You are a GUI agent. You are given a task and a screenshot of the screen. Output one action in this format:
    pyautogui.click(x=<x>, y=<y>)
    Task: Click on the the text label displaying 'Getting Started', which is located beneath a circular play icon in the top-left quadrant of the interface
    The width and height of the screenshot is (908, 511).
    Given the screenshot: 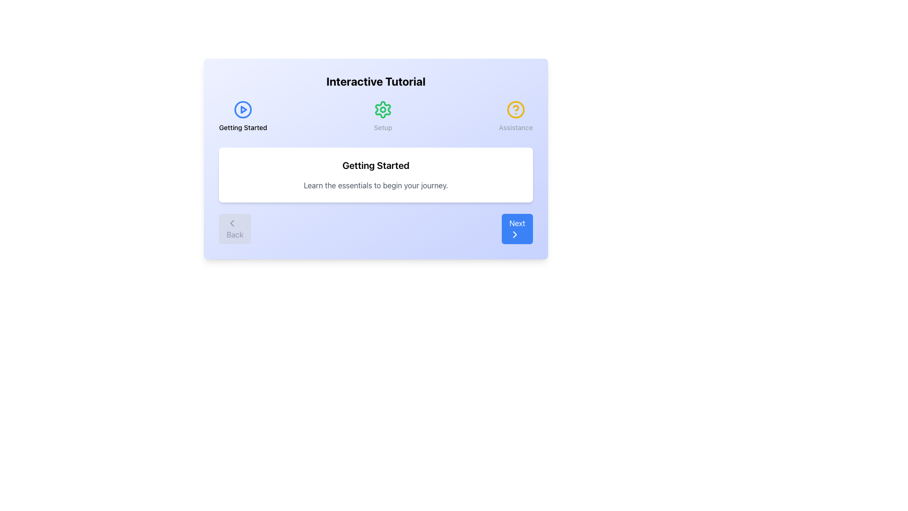 What is the action you would take?
    pyautogui.click(x=243, y=128)
    